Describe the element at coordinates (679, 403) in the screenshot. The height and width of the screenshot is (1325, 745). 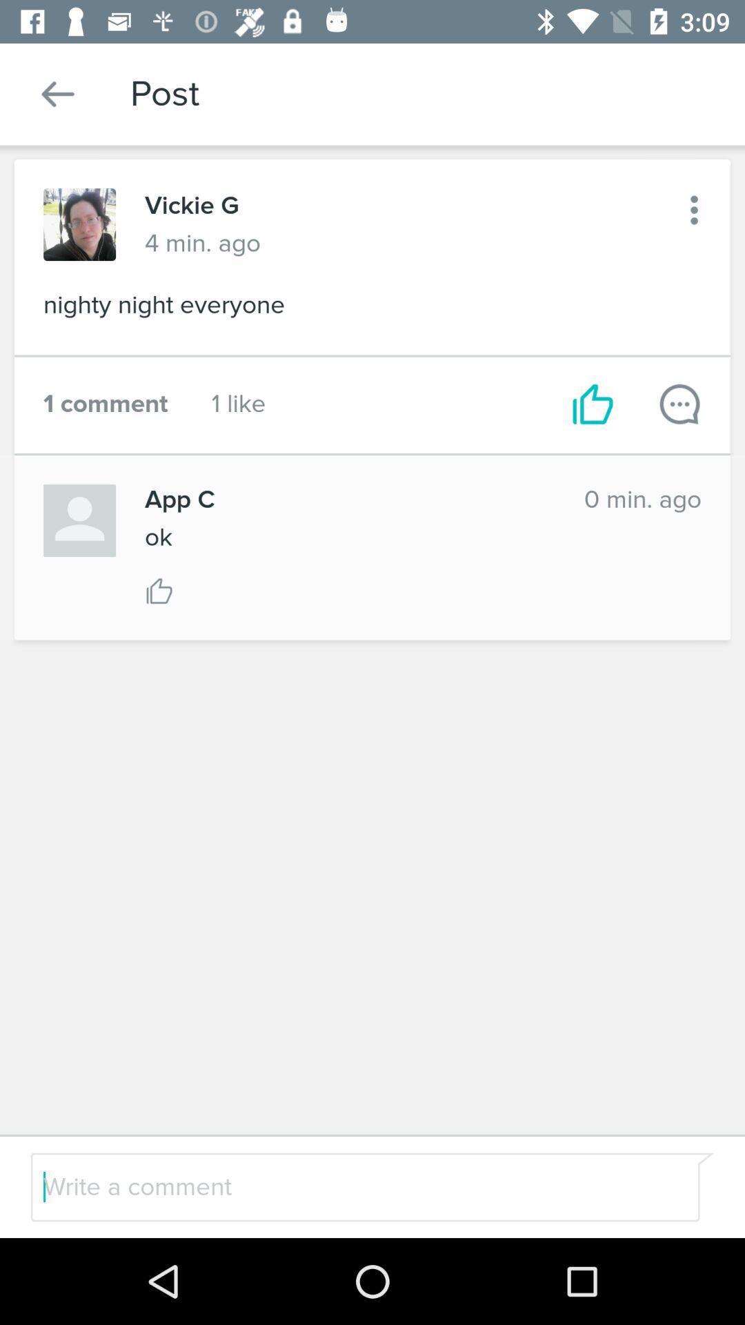
I see `comment on post` at that location.